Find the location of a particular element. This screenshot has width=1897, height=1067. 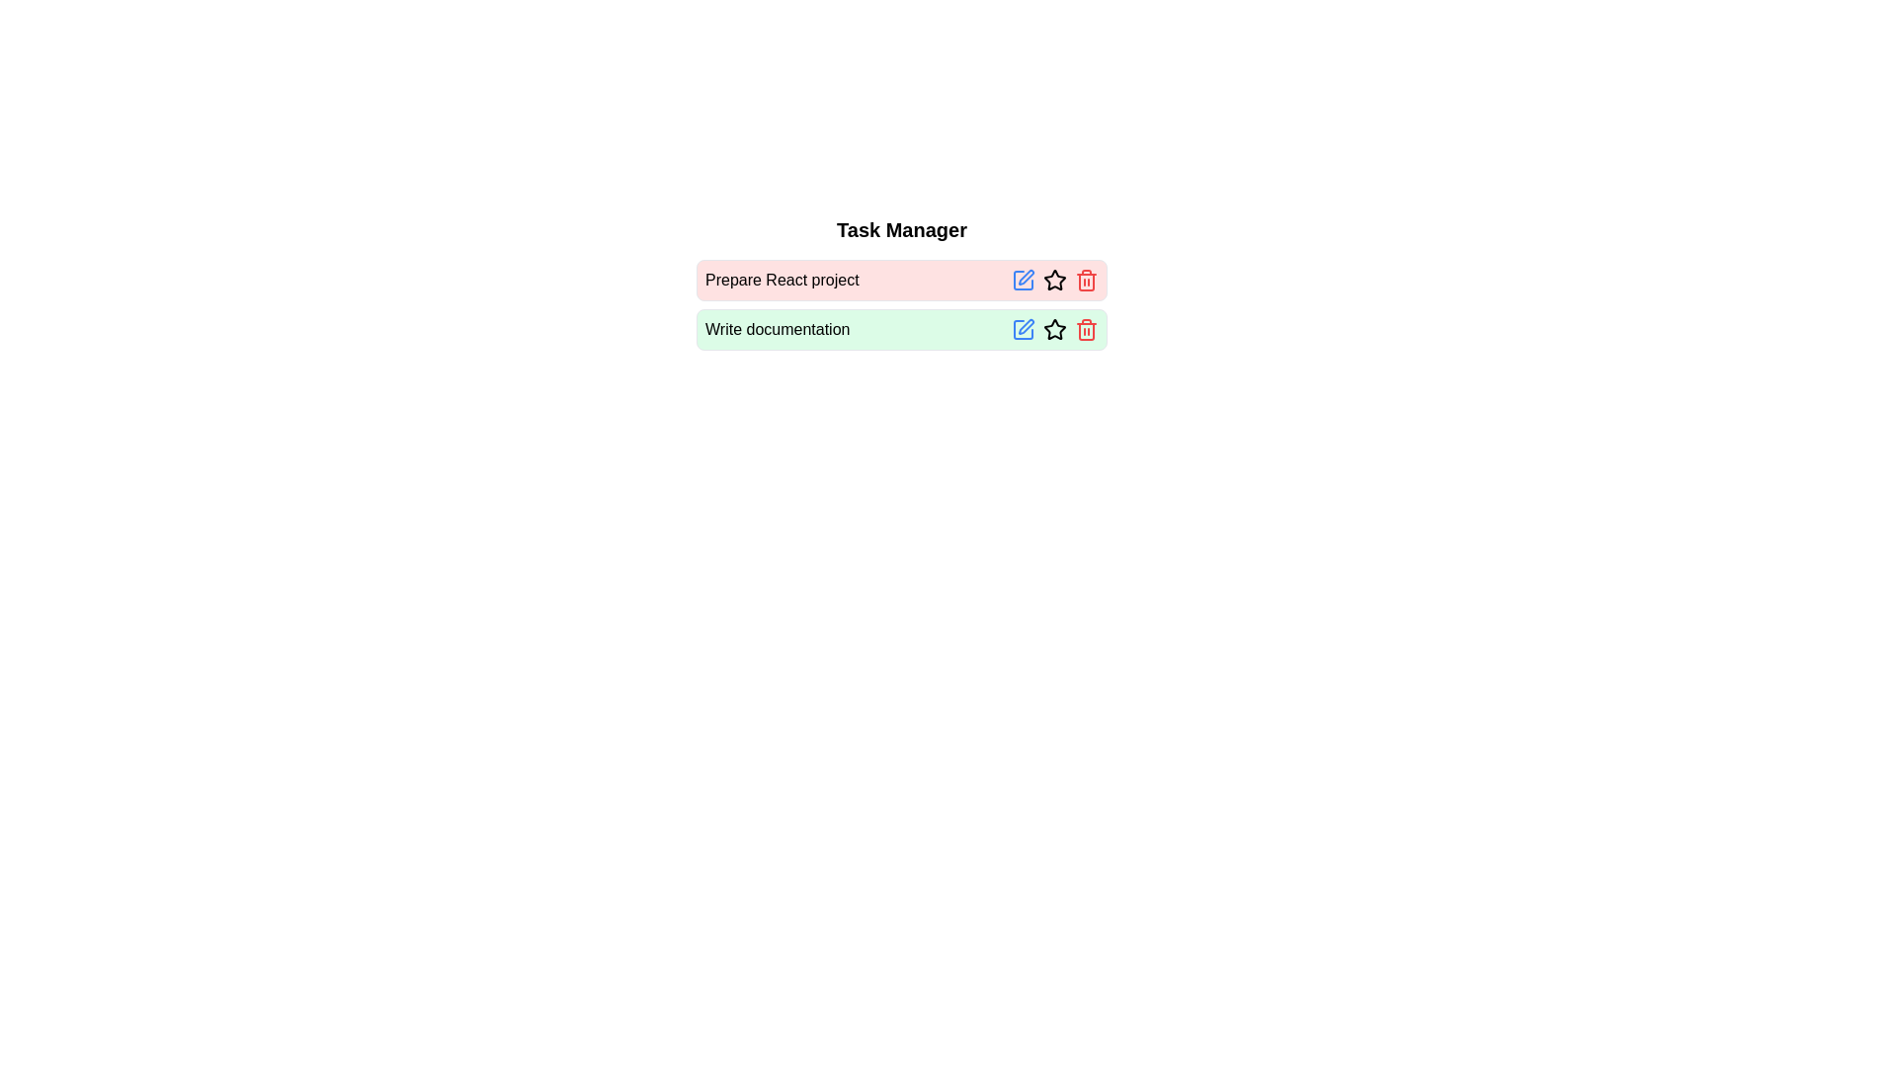

text from the text label located in the second task row of the task list interface, which has a green background and is positioned beneath the first row with a pink background is located at coordinates (777, 329).